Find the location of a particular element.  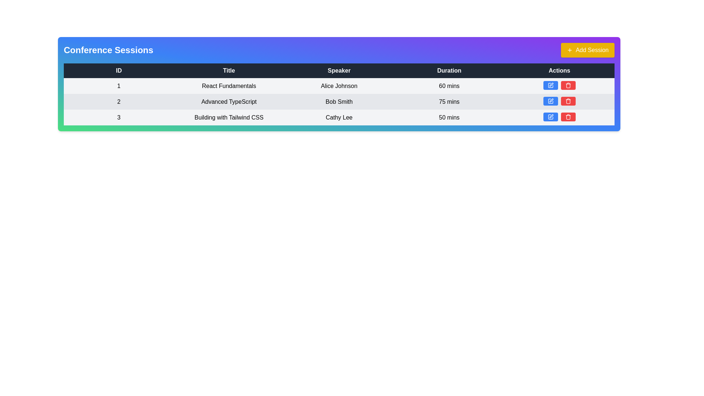

the red delete button with a trash can icon located is located at coordinates (568, 101).